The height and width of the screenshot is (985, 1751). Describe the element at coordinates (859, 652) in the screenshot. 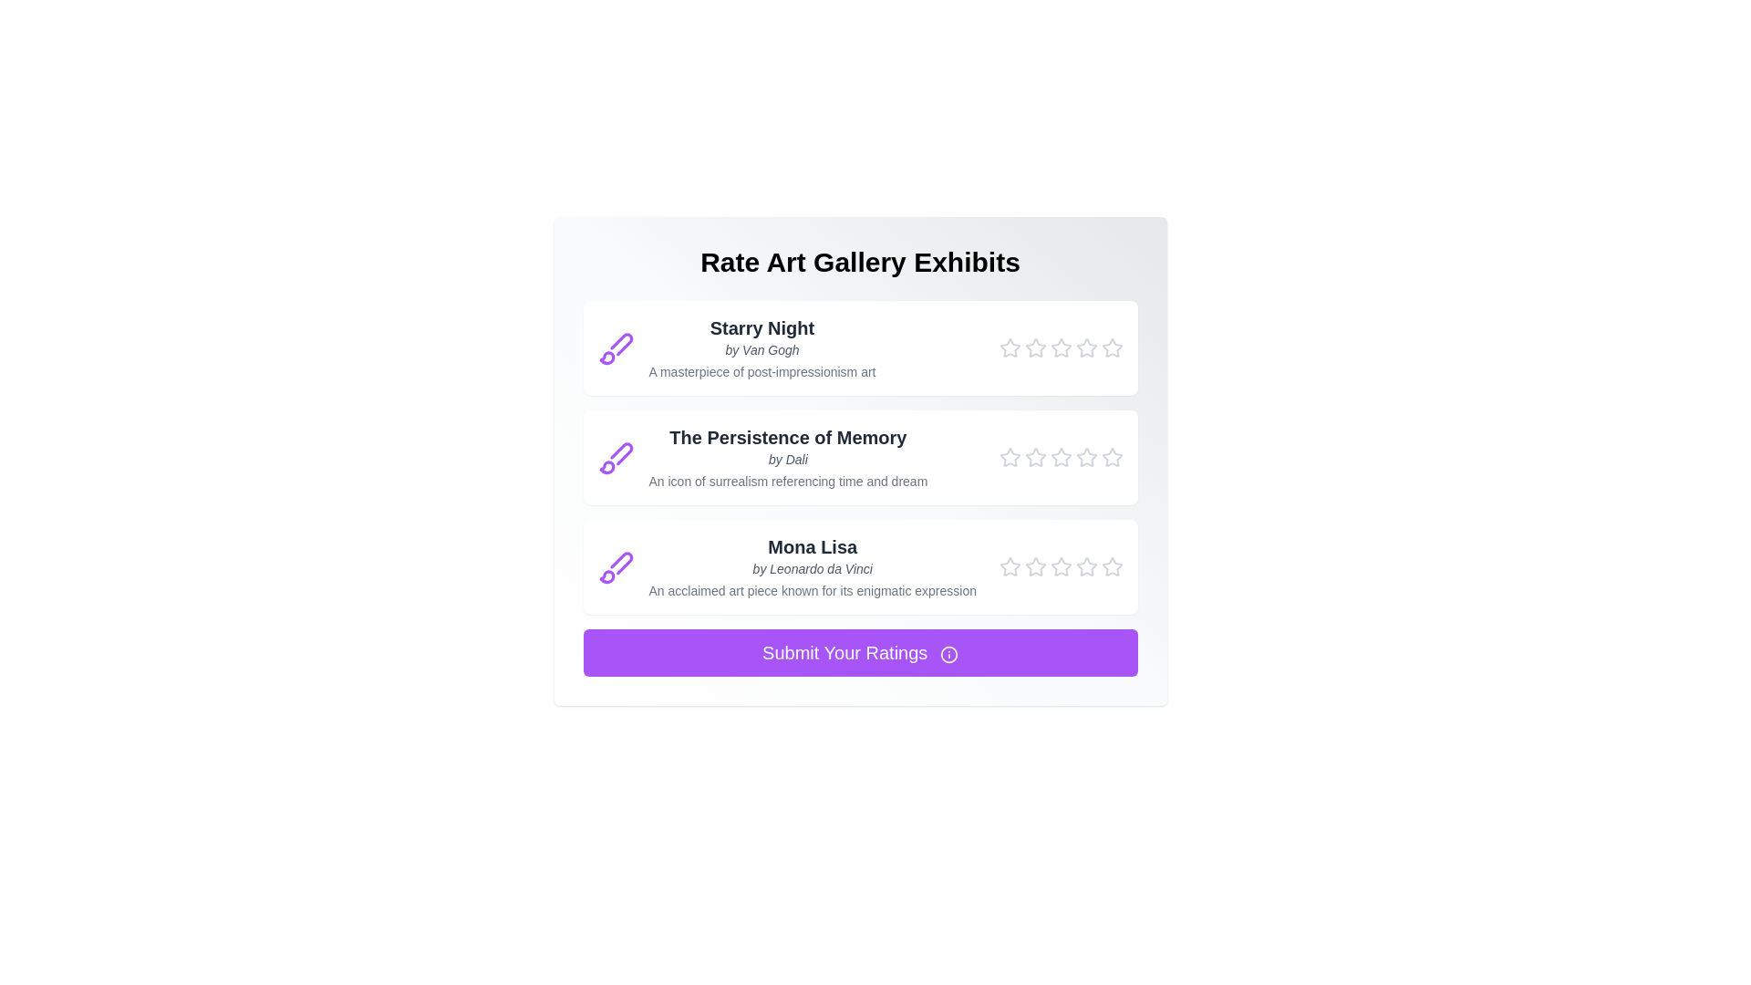

I see `the 'Submit Your Ratings' button` at that location.